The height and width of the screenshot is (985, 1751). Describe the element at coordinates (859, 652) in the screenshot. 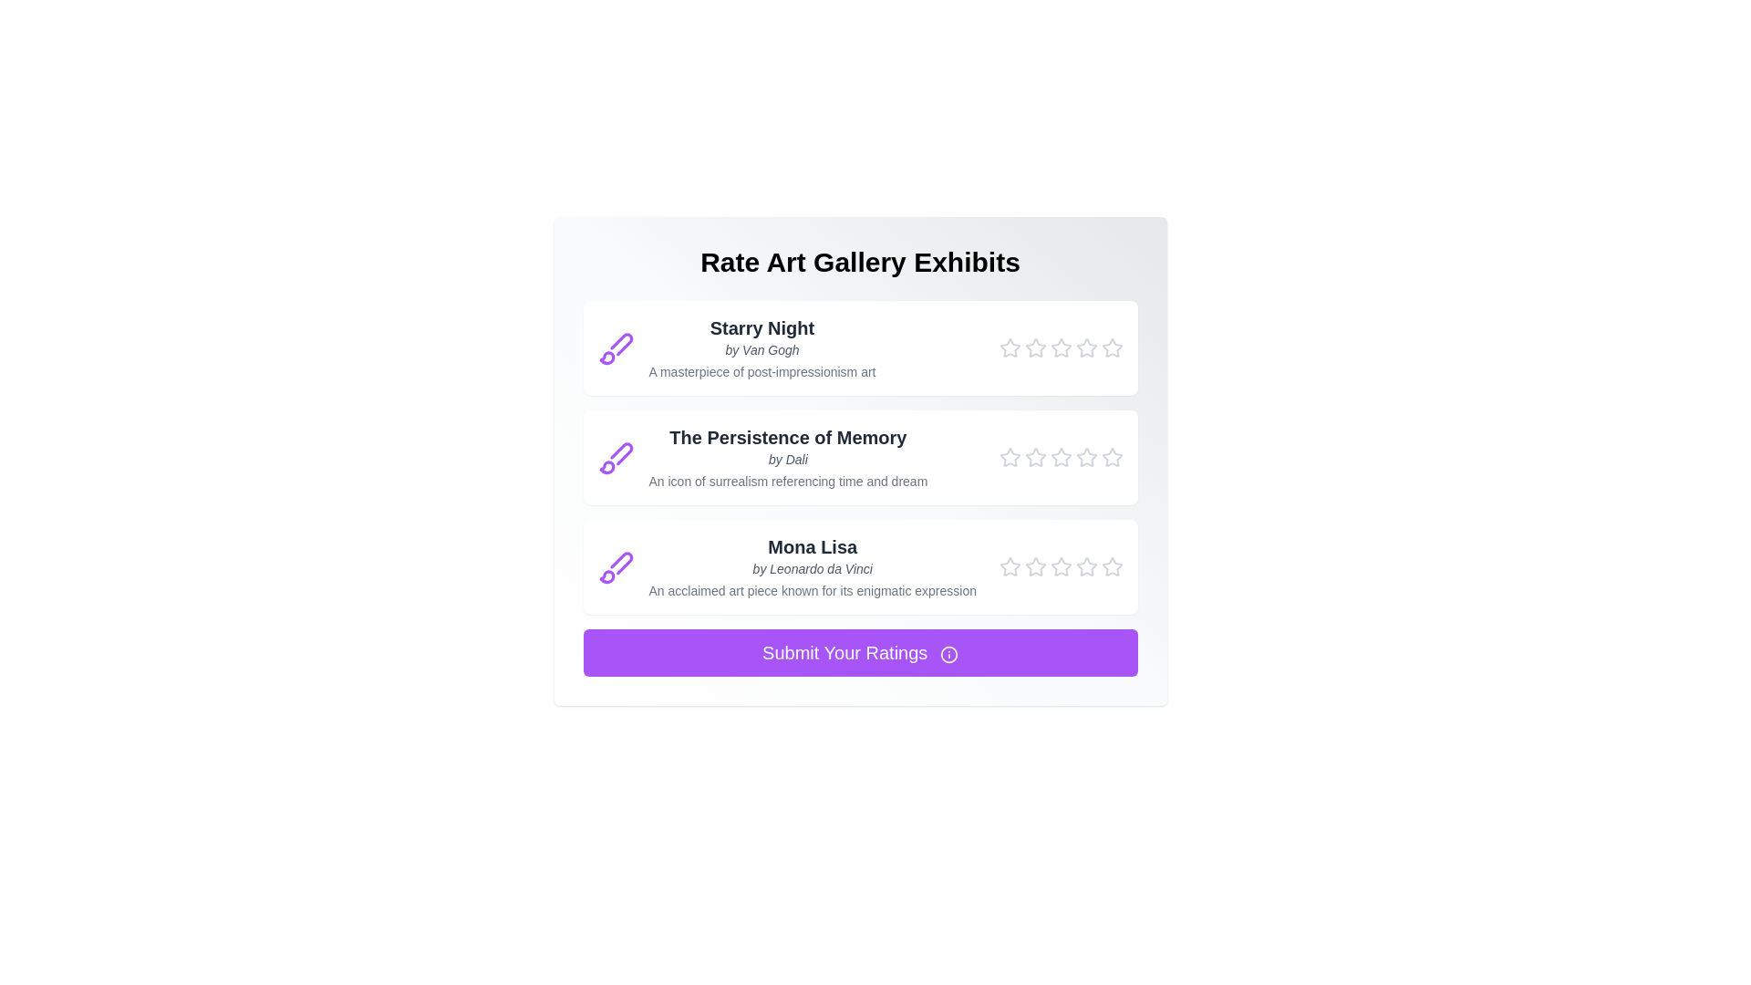

I see `the 'Submit Your Ratings' button` at that location.